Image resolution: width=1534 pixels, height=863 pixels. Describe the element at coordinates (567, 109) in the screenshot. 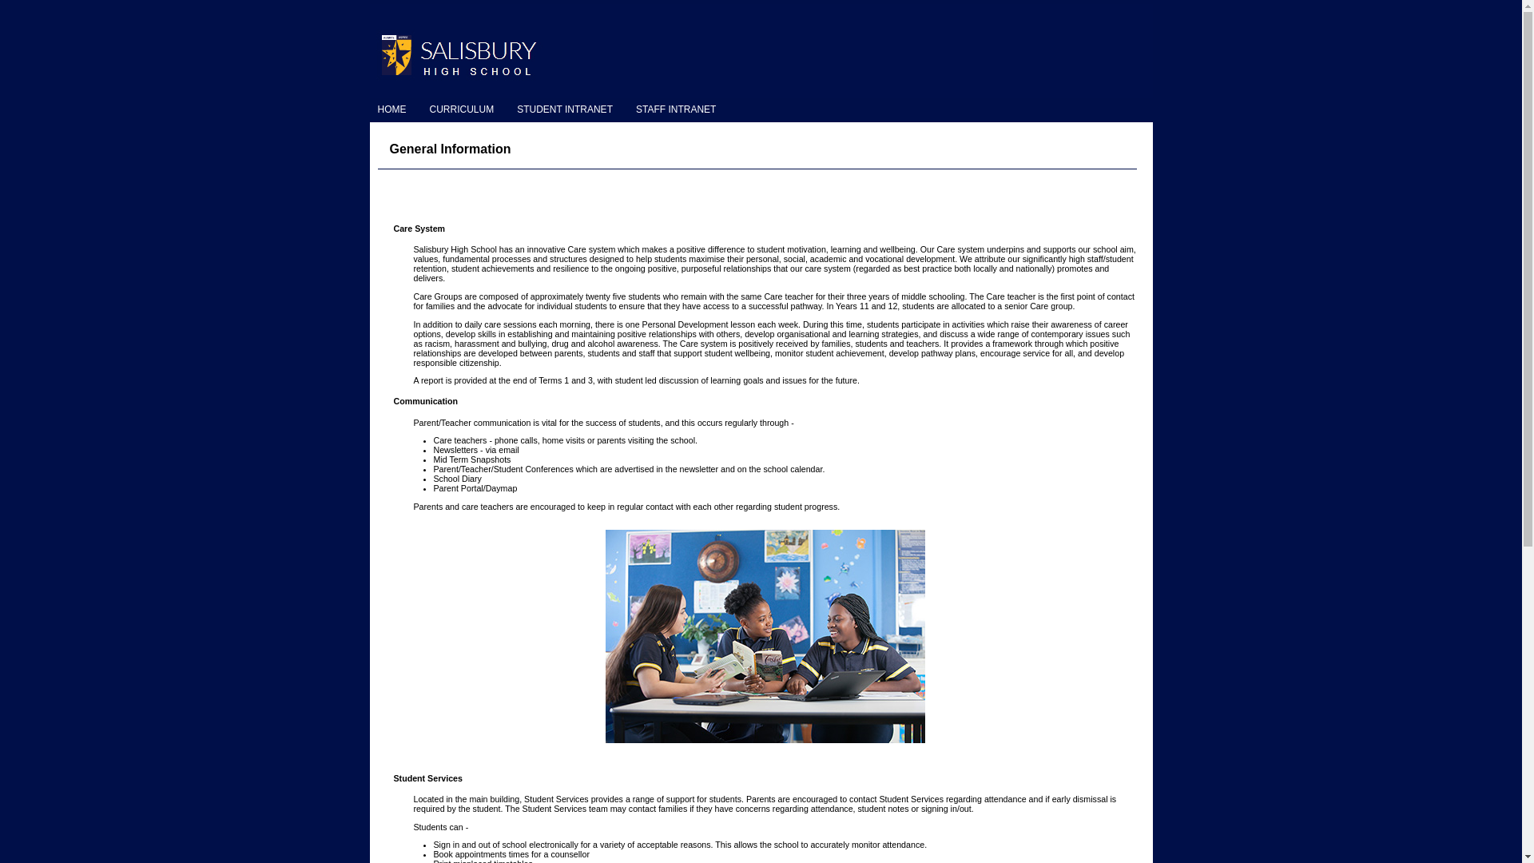

I see `'STUDENT INTRANET'` at that location.